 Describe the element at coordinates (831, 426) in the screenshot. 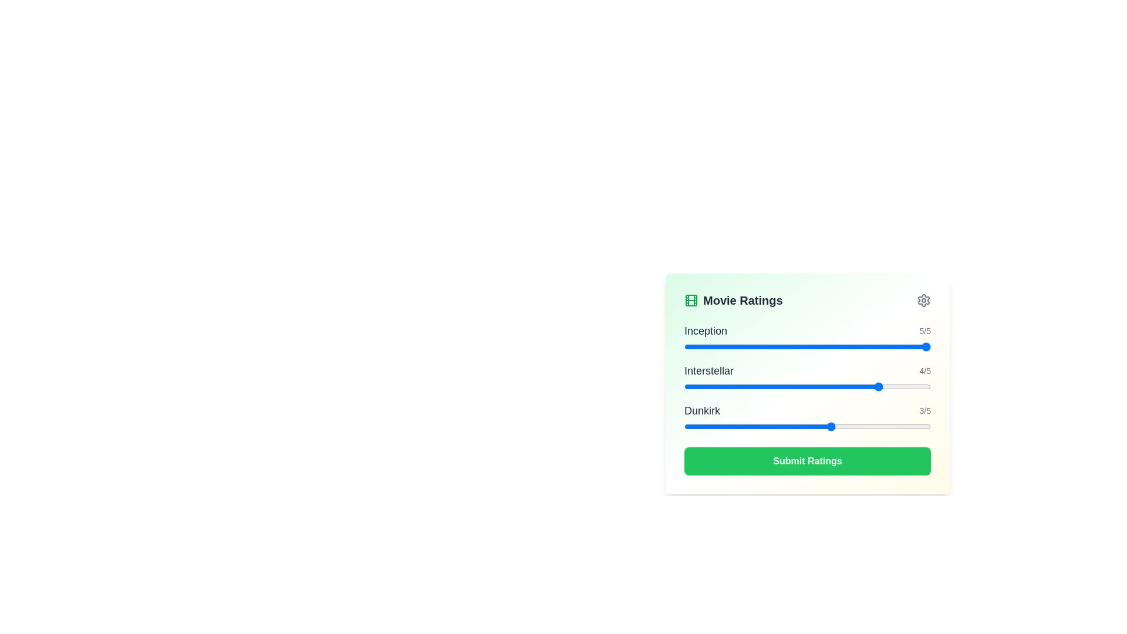

I see `the Dunkirk movie rating` at that location.